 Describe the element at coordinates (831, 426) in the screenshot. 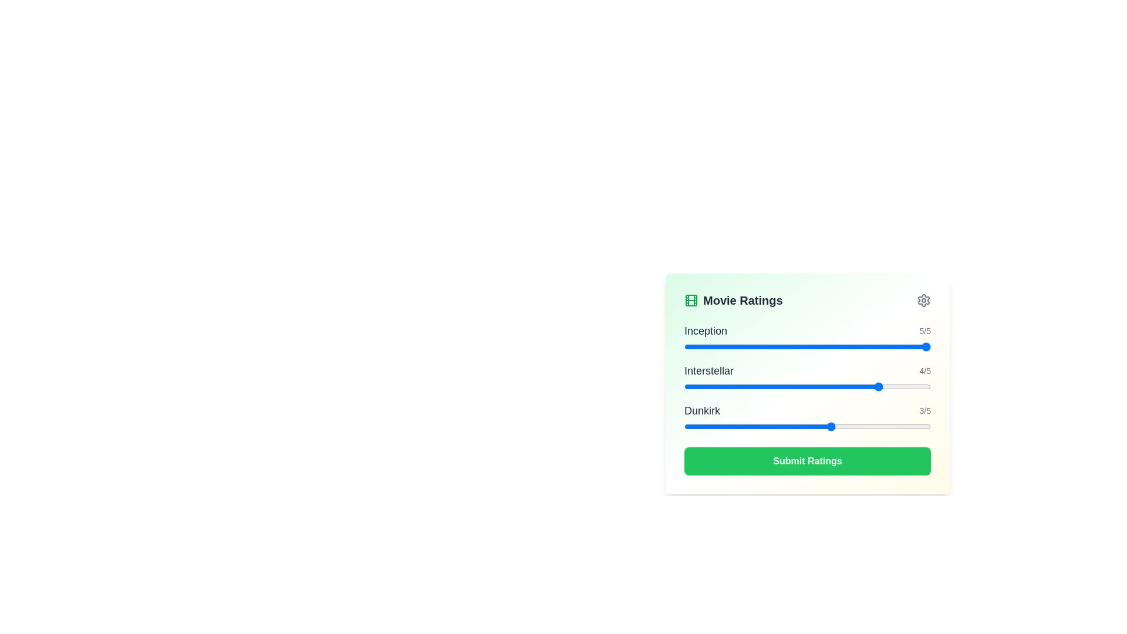

I see `the Dunkirk movie rating` at that location.